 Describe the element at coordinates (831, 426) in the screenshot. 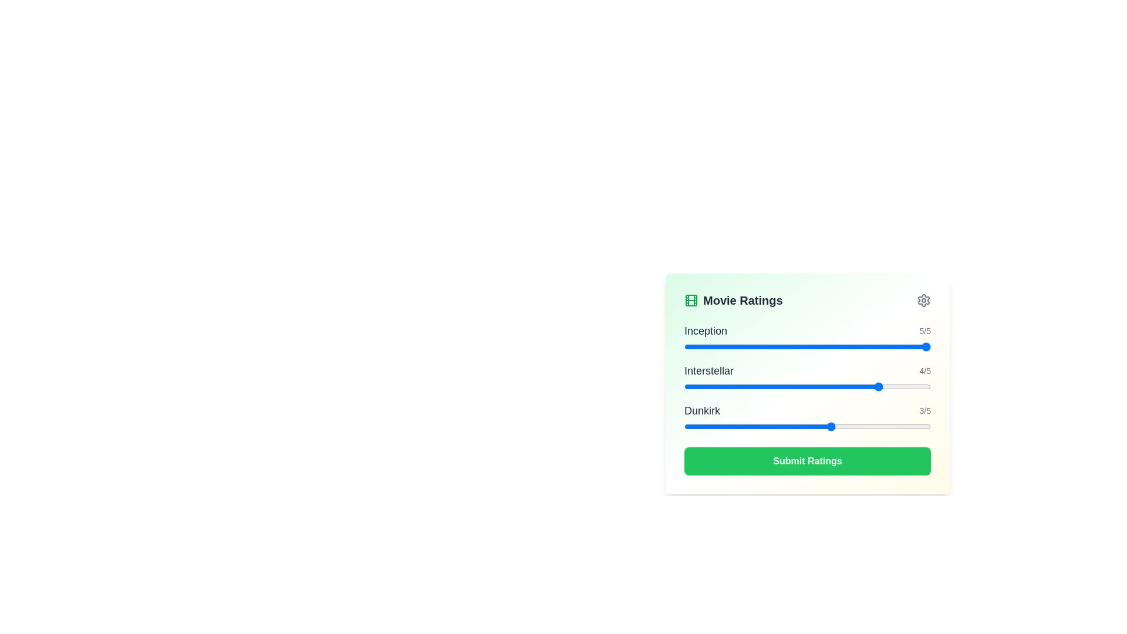

I see `the Dunkirk movie rating` at that location.